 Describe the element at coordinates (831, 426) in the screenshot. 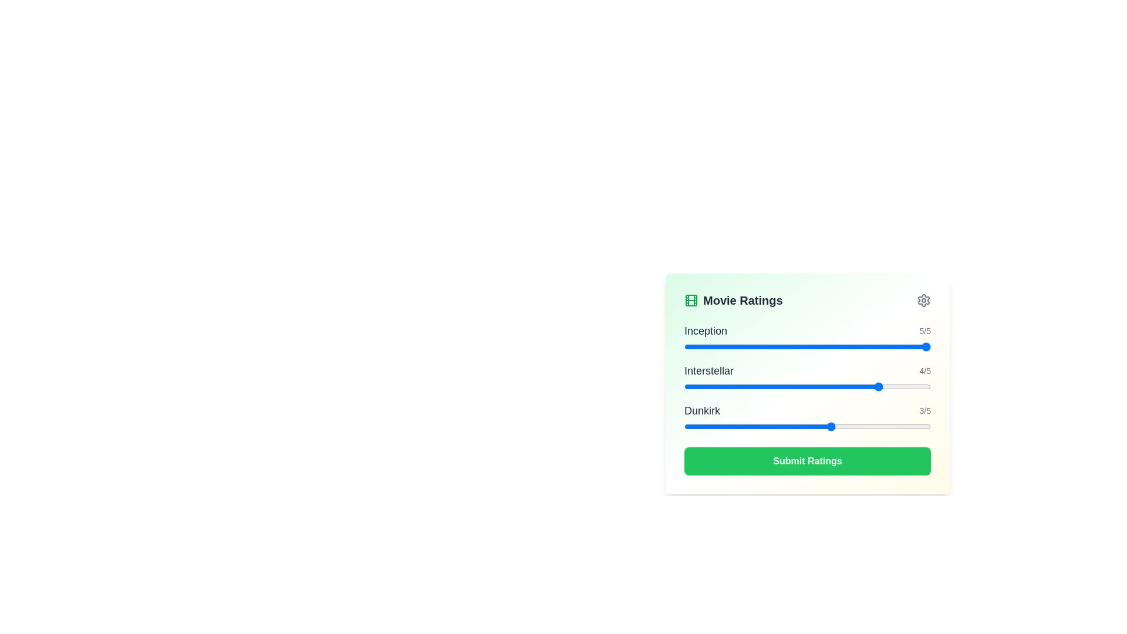

I see `the Dunkirk movie rating` at that location.